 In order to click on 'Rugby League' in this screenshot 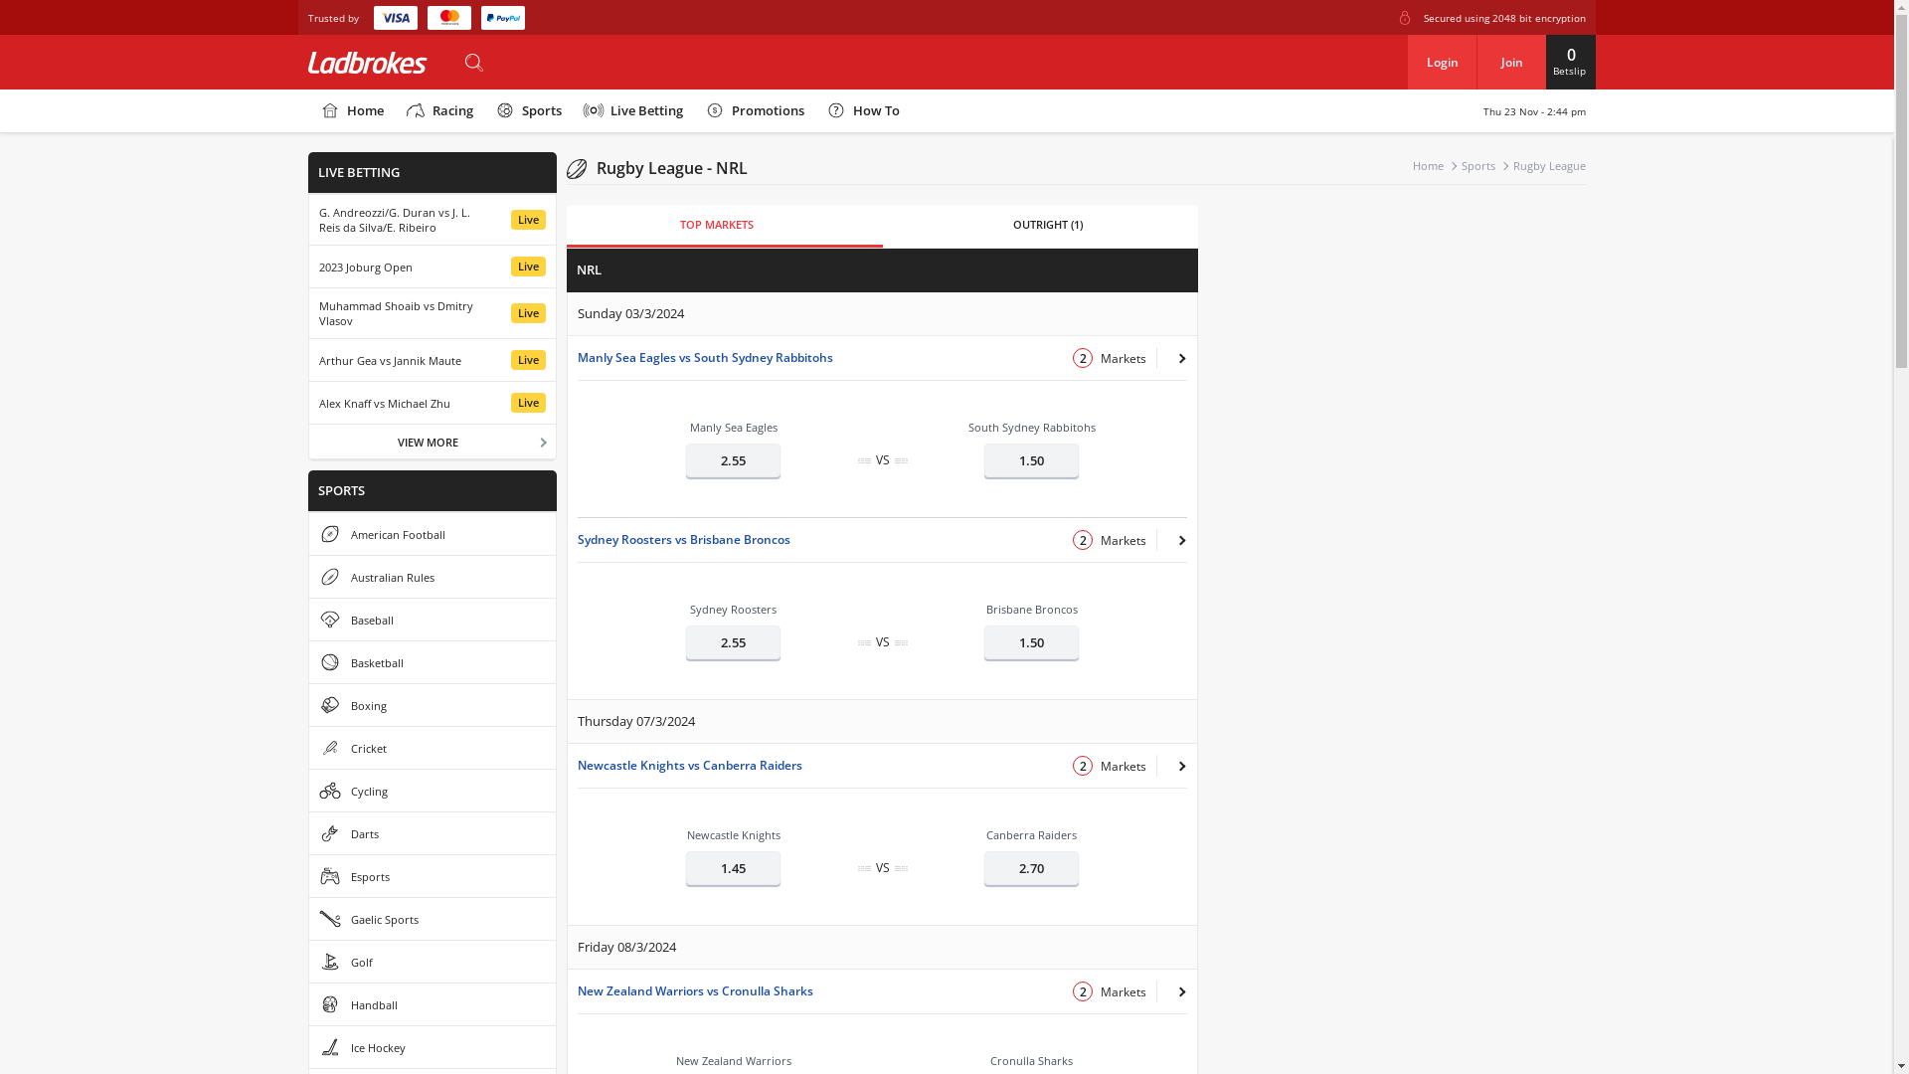, I will do `click(1548, 164)`.